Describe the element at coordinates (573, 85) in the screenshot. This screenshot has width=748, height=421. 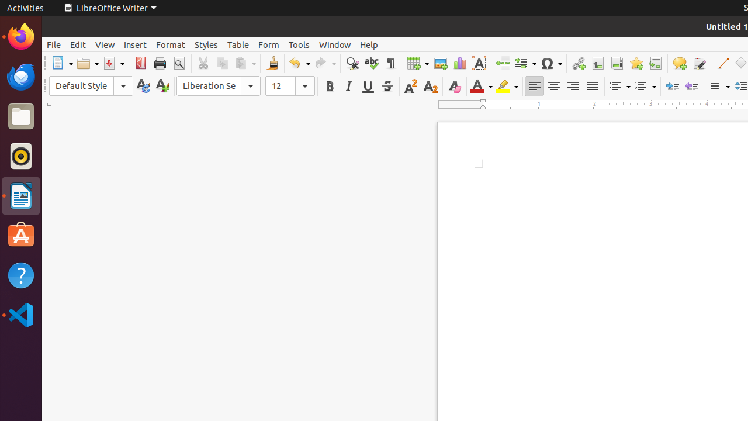
I see `'Right'` at that location.